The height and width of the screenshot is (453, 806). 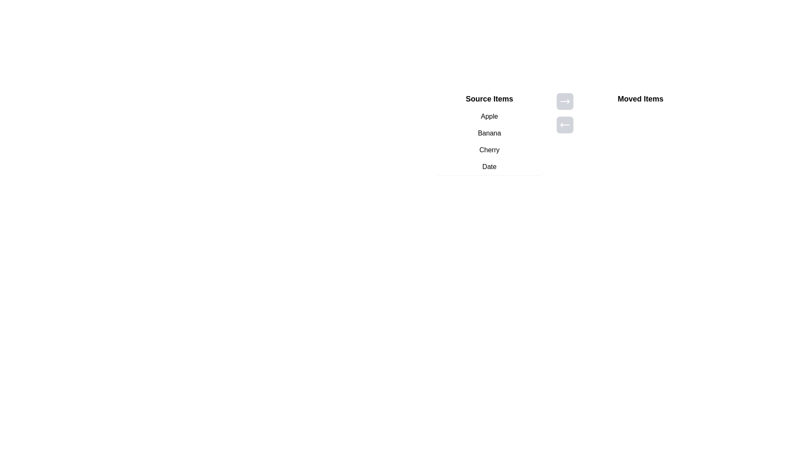 I want to click on the third item in the vertical list under the 'Source Items' heading to trigger the hover effect, so click(x=489, y=150).